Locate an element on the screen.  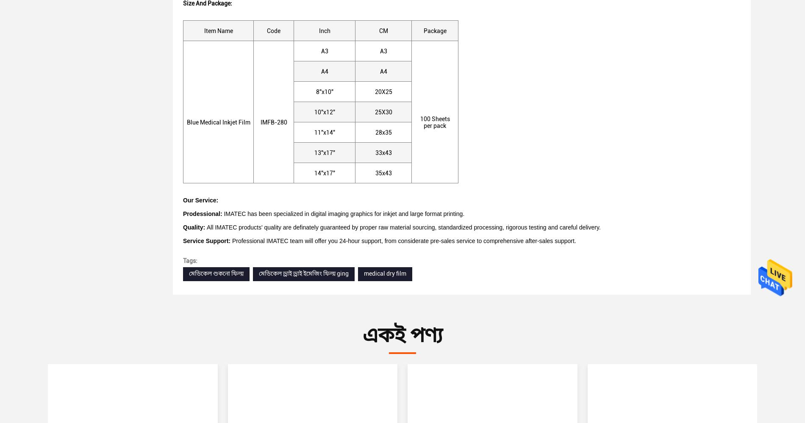
'13"x17"' is located at coordinates (324, 152).